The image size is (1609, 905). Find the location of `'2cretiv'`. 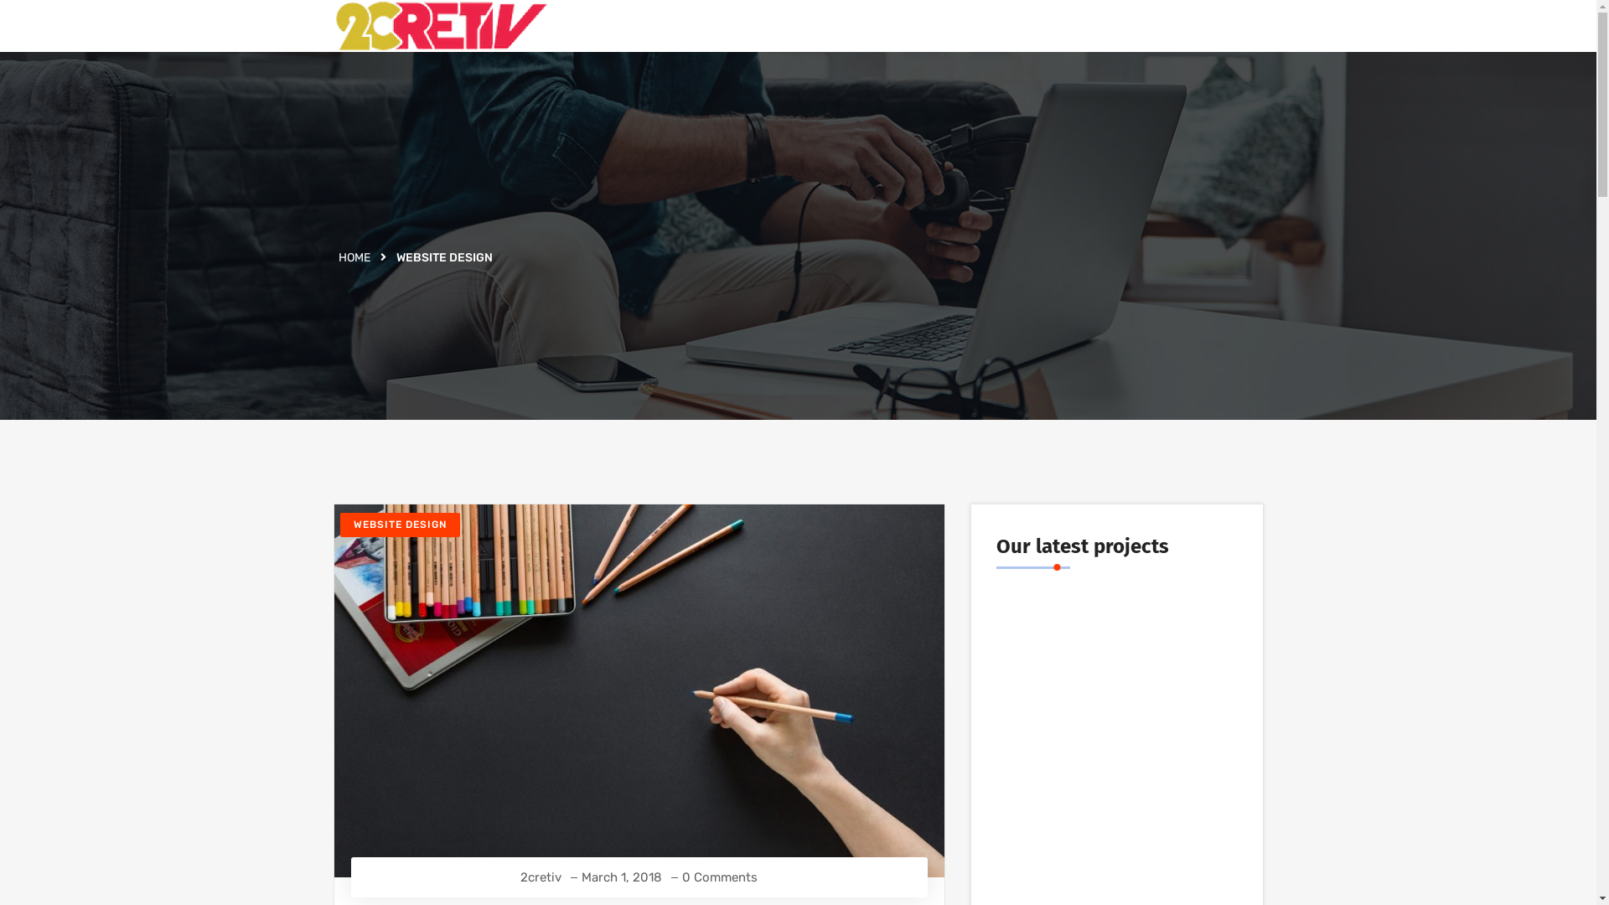

'2cretiv' is located at coordinates (541, 877).